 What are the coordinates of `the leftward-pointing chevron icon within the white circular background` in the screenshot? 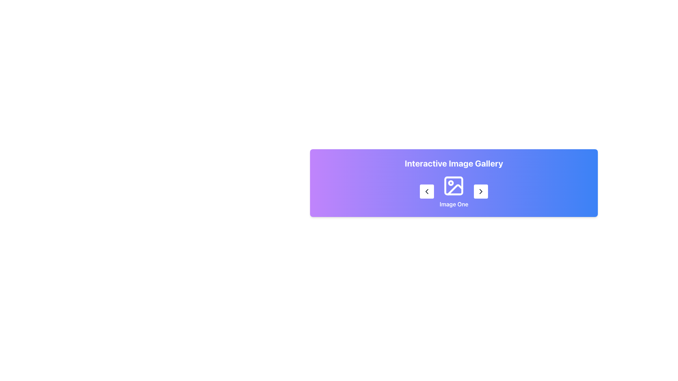 It's located at (426, 192).